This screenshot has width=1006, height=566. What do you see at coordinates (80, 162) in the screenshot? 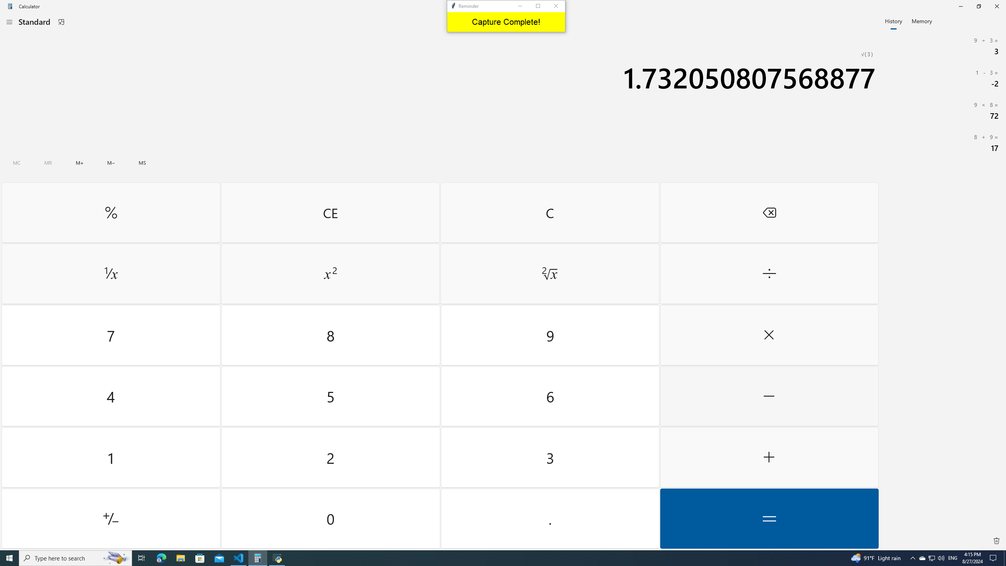
I see `'Memory add'` at bounding box center [80, 162].